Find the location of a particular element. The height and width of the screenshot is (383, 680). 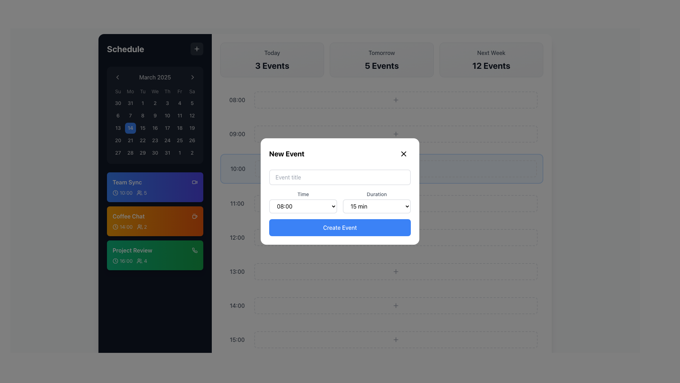

the circular button with a dark background and a '+' icon, located at the top-right corner of the 'Schedule' panel to observe hover effects is located at coordinates (197, 49).